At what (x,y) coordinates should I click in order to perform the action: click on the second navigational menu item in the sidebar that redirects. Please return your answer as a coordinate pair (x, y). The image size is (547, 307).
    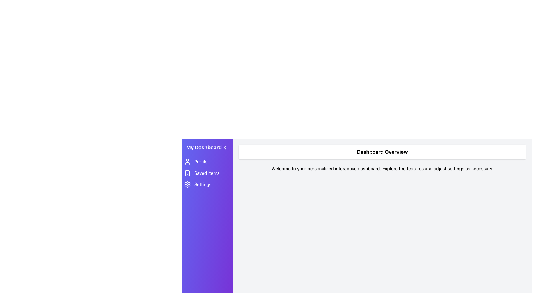
    Looking at the image, I should click on (207, 173).